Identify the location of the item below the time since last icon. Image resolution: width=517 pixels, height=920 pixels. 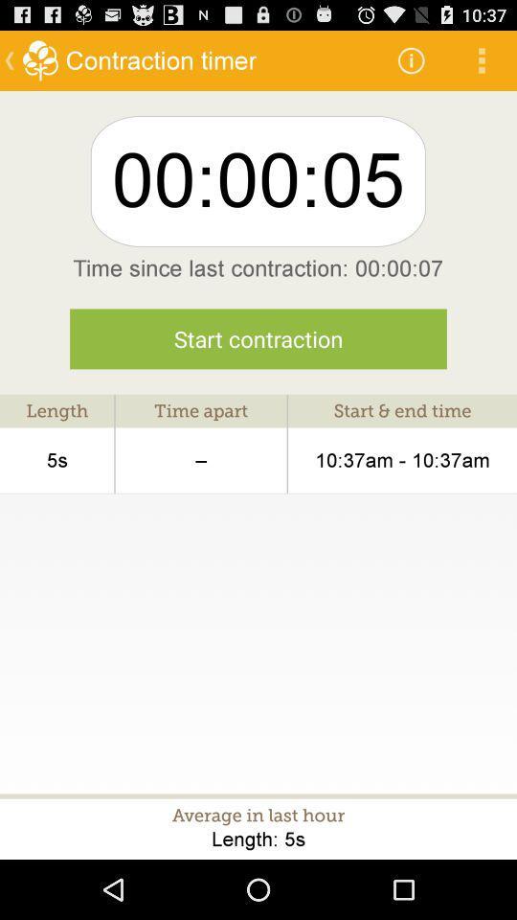
(258, 338).